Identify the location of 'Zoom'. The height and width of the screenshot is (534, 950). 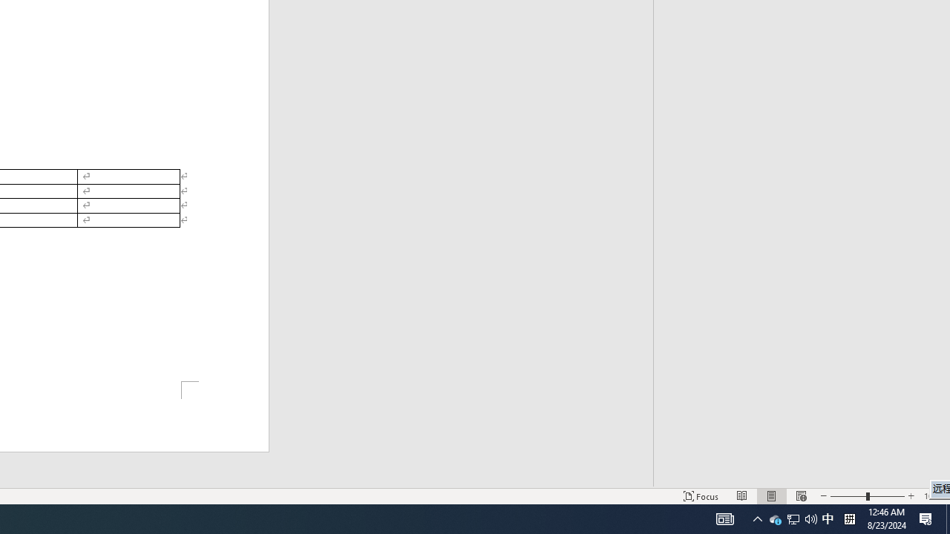
(867, 496).